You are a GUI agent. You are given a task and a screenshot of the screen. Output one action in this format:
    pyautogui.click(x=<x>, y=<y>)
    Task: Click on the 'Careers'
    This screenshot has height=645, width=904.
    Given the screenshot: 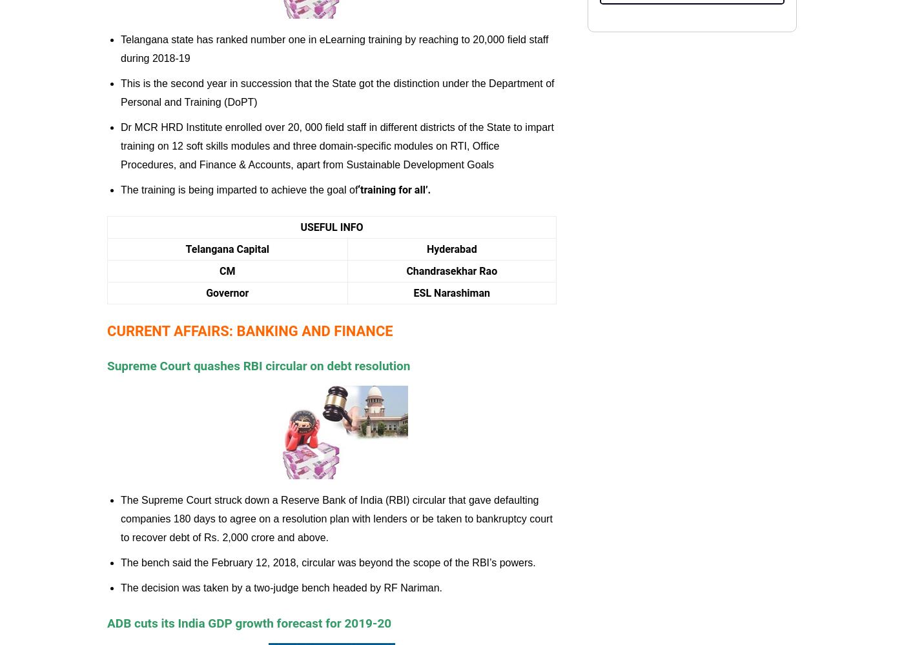 What is the action you would take?
    pyautogui.click(x=305, y=77)
    